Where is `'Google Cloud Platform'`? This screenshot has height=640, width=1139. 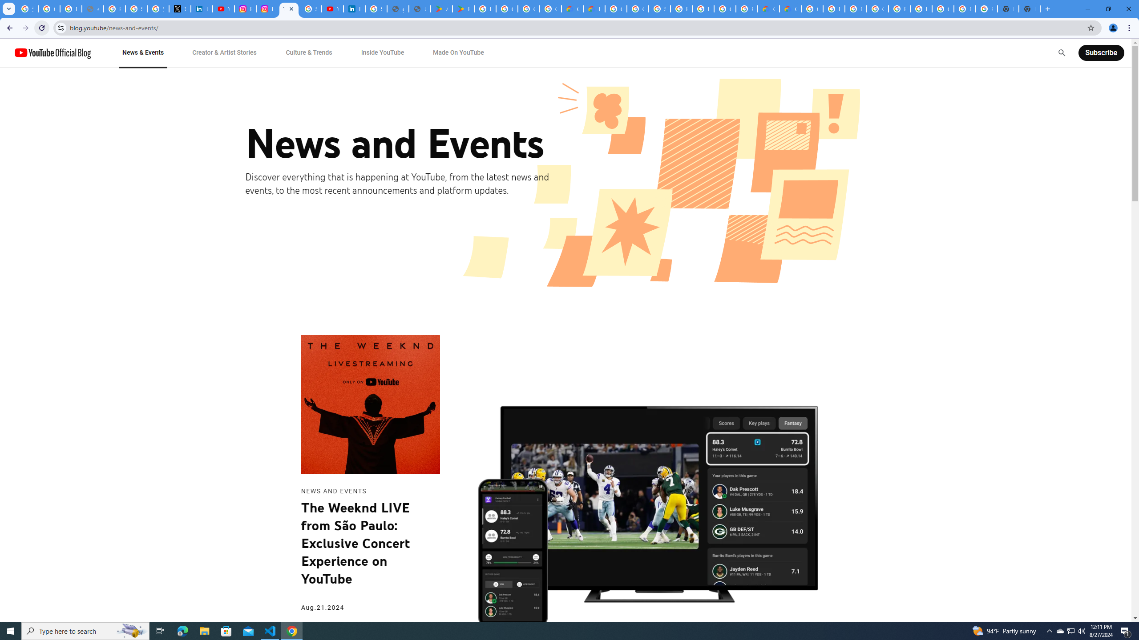
'Google Cloud Platform' is located at coordinates (877, 8).